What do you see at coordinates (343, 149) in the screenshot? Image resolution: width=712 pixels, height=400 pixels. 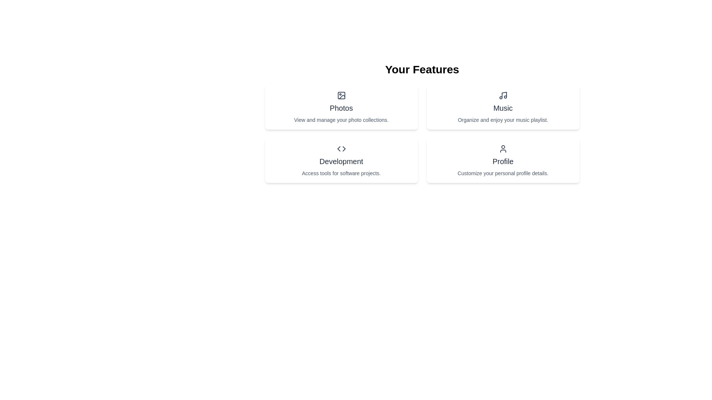 I see `the right-pointing triangular SVG icon located at the top-left of the 'Development' feature card` at bounding box center [343, 149].